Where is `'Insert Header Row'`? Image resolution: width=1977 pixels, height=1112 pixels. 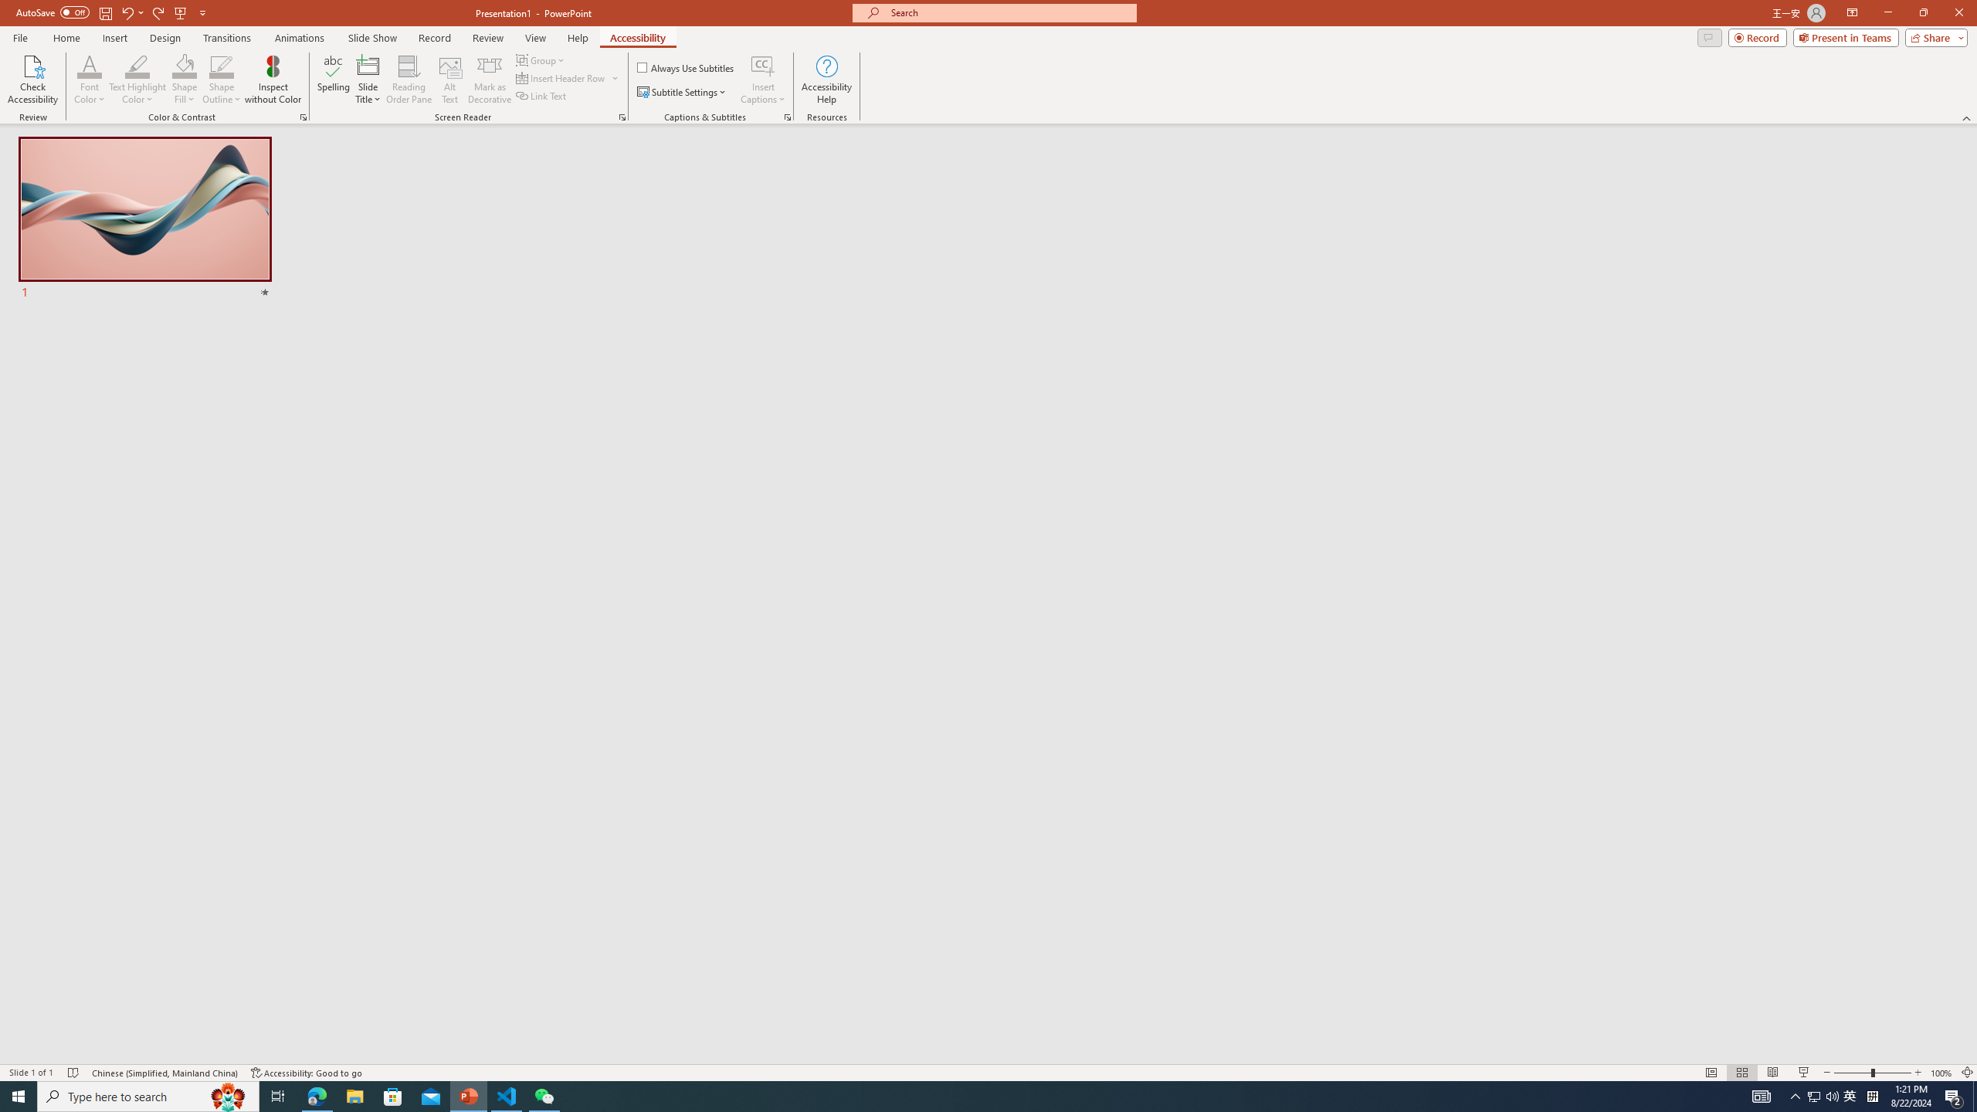 'Insert Header Row' is located at coordinates (568, 76).